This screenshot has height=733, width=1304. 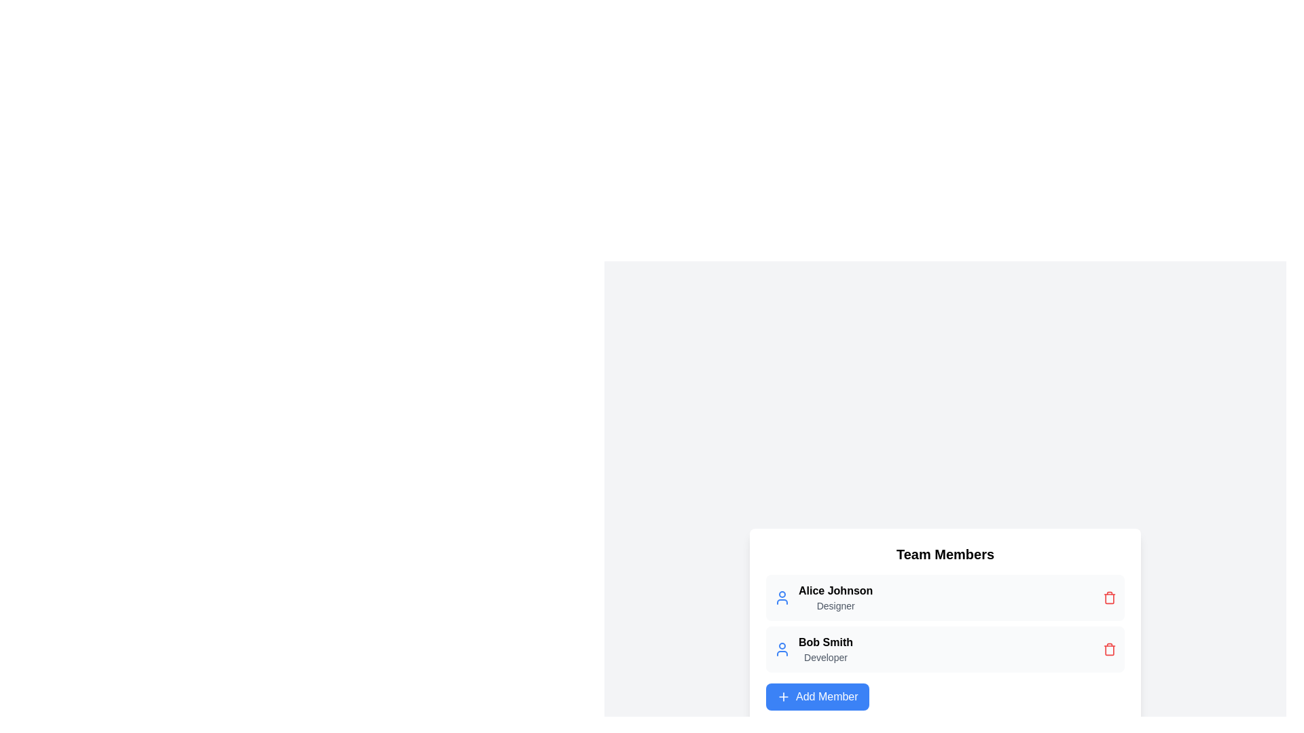 I want to click on the Text label representing the name of the individual in the second entry of the 'Team Members' section, located above the 'Developer' text, so click(x=825, y=642).